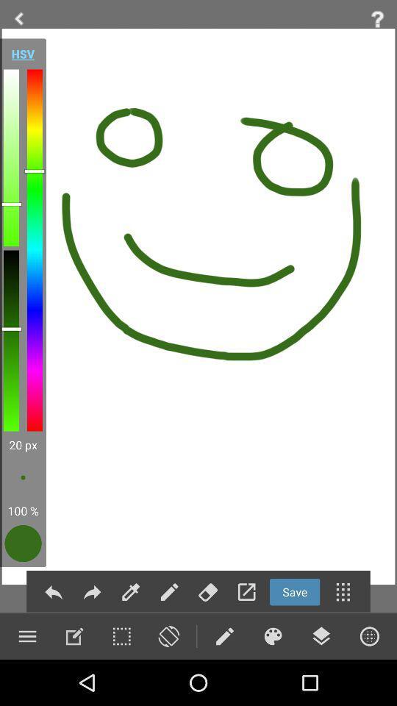 The width and height of the screenshot is (397, 706). I want to click on the edit icon, so click(224, 635).